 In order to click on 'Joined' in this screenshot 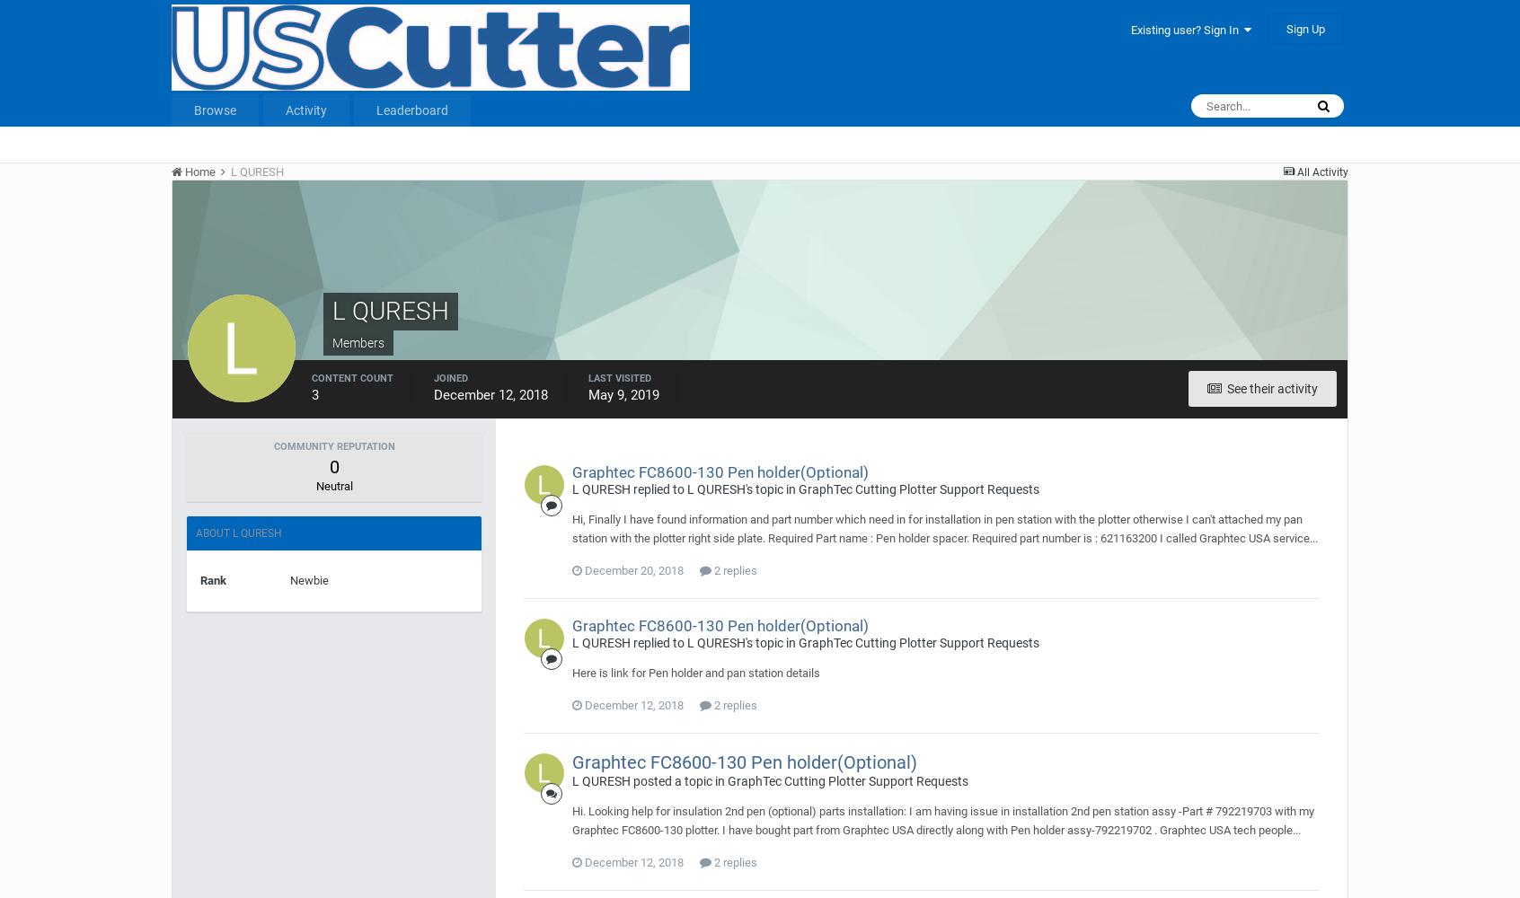, I will do `click(451, 378)`.